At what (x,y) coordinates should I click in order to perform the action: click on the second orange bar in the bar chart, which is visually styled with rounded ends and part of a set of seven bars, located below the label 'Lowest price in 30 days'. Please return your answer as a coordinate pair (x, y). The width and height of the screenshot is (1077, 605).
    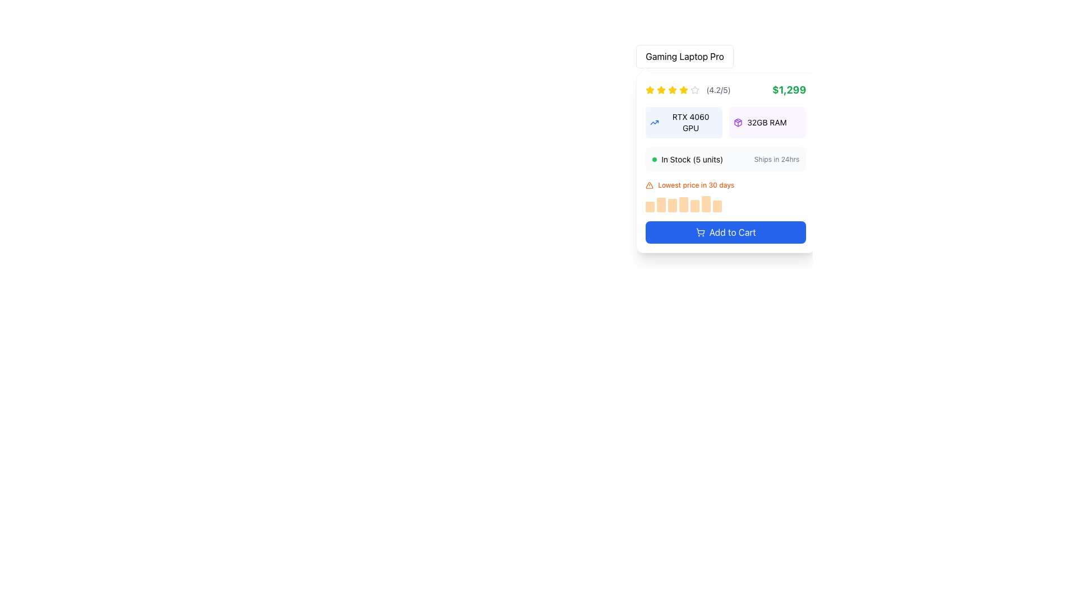
    Looking at the image, I should click on (661, 205).